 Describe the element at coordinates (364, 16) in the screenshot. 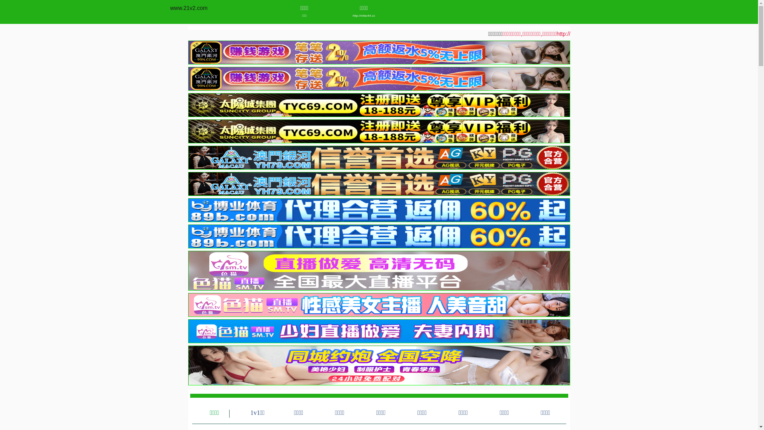

I see `'http://mfav44.cc'` at that location.